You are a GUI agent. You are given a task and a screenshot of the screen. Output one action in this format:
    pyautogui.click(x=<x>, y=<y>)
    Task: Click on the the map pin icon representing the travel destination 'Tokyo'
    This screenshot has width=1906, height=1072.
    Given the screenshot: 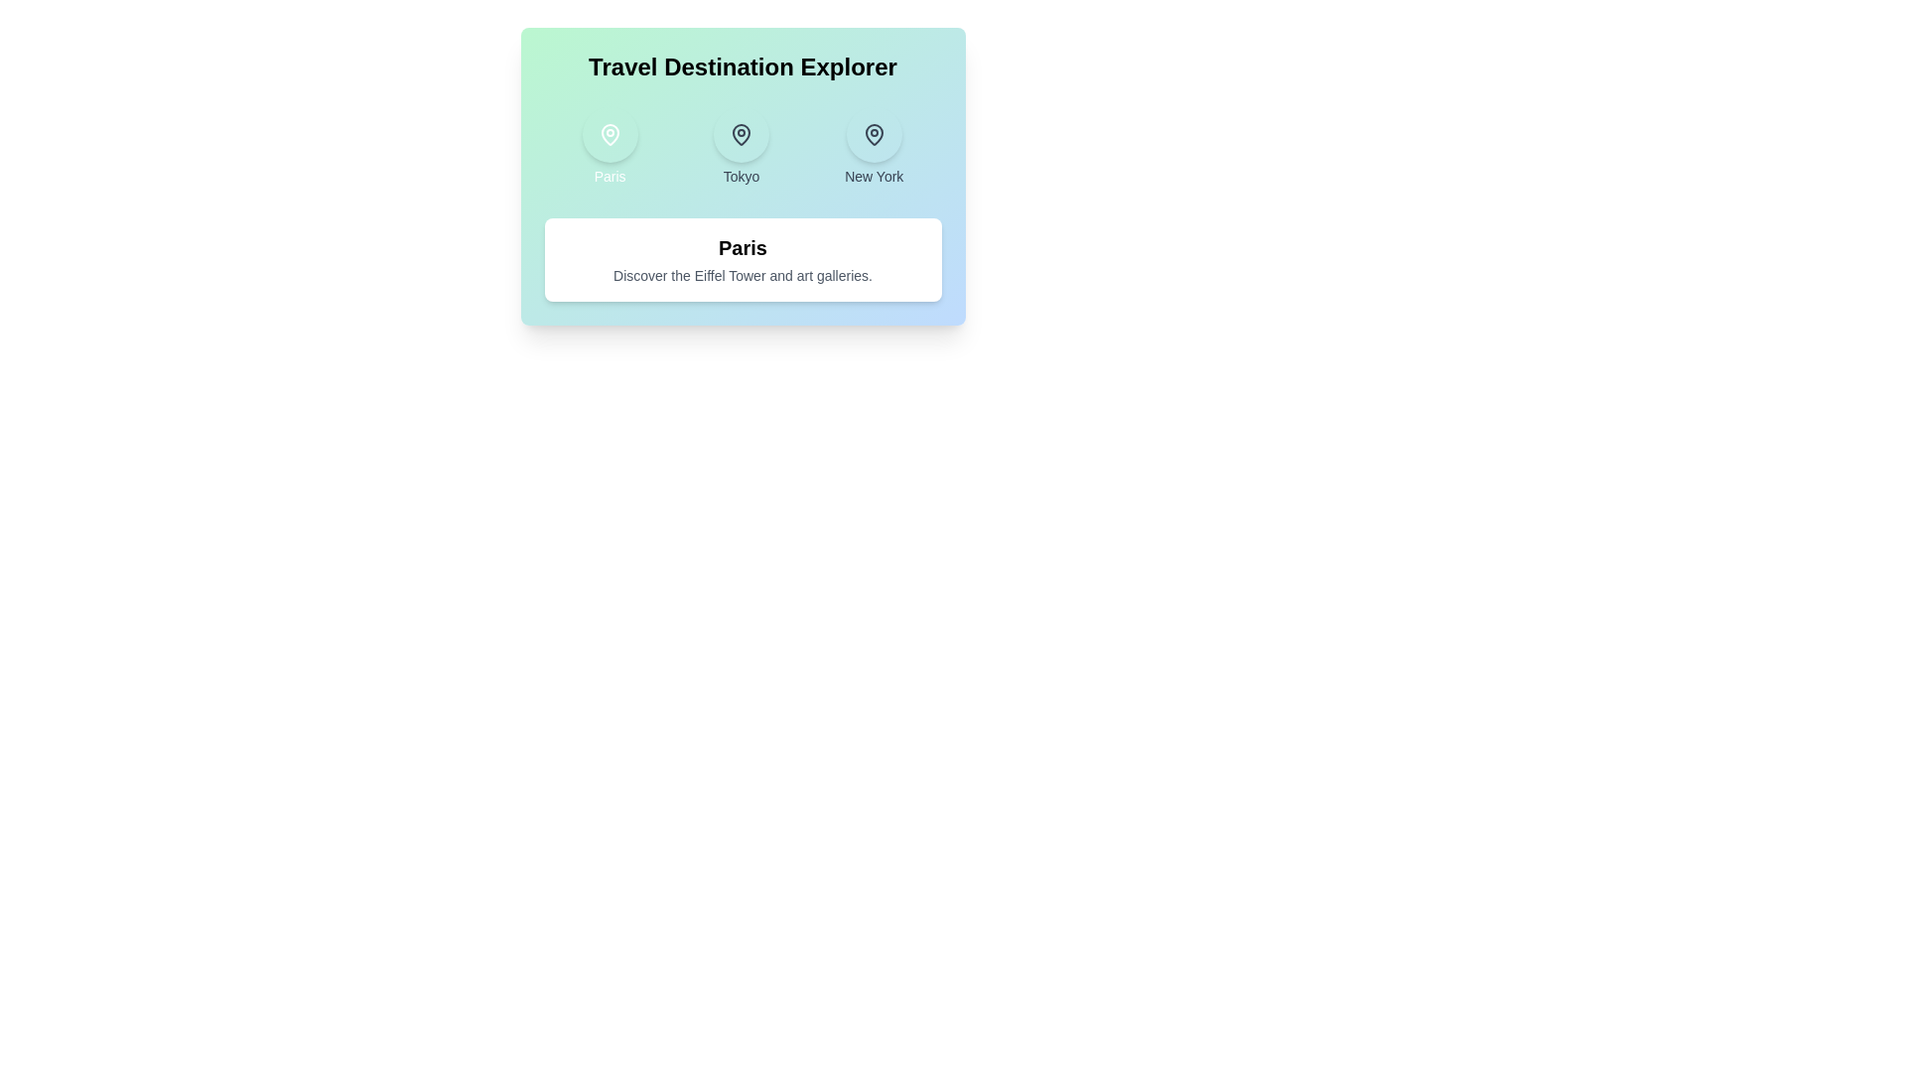 What is the action you would take?
    pyautogui.click(x=740, y=134)
    